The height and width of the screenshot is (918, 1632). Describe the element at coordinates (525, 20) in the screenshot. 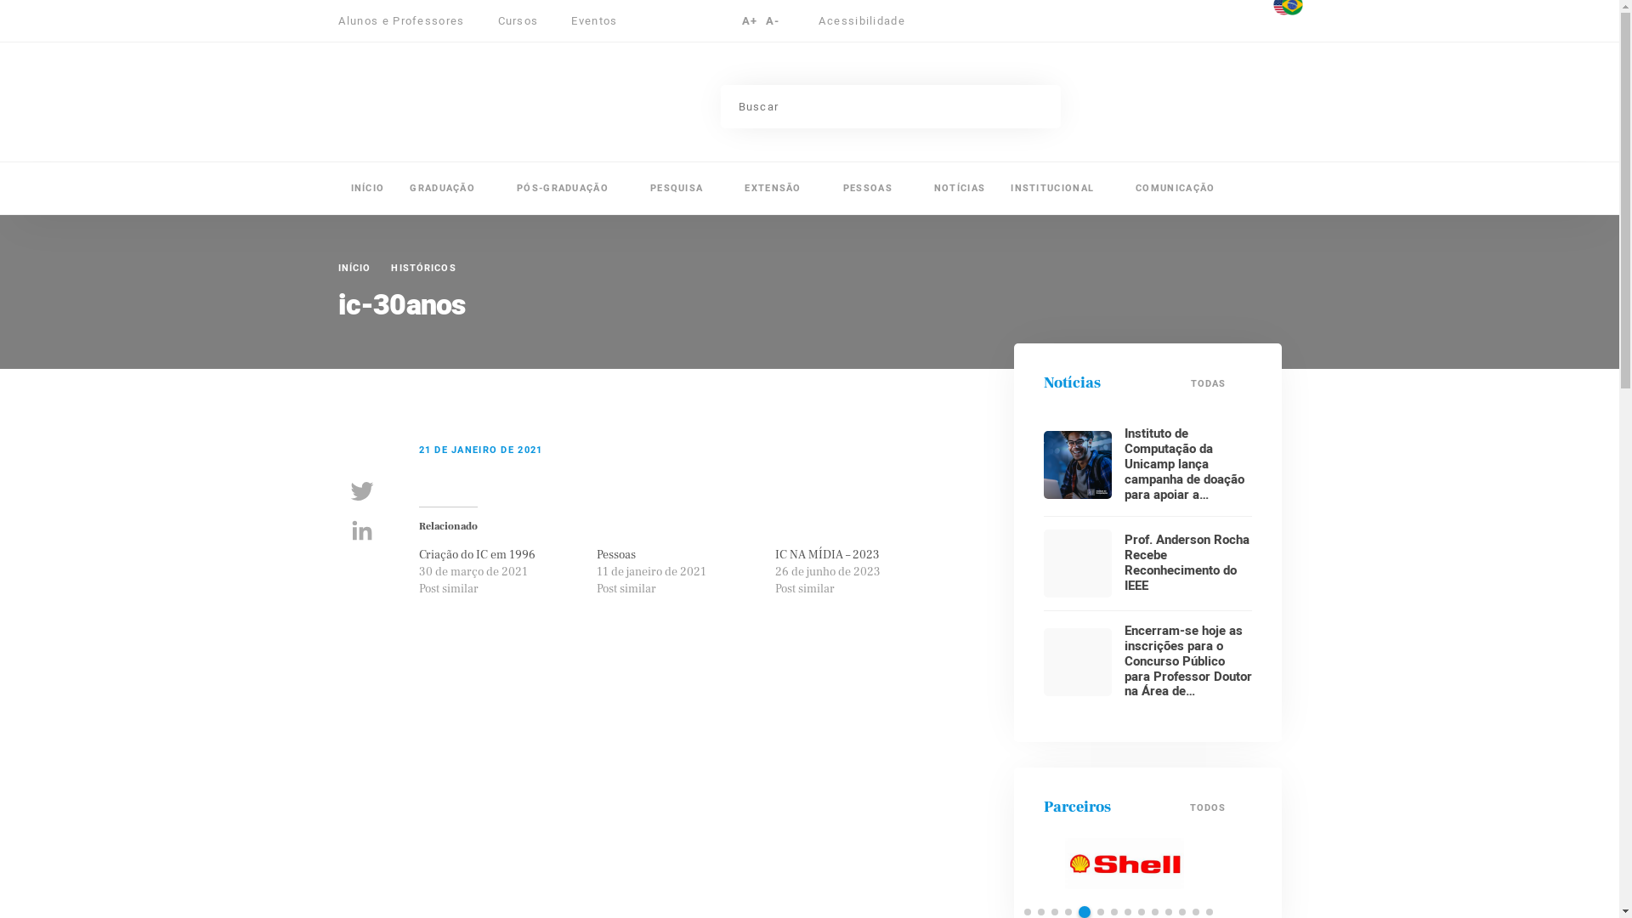

I see `'Cursos'` at that location.